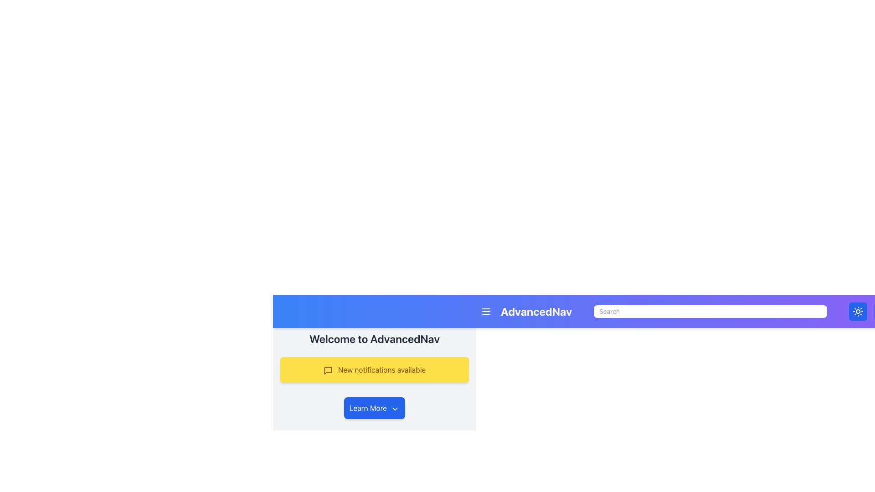 The width and height of the screenshot is (875, 492). Describe the element at coordinates (485, 311) in the screenshot. I see `the menu icon button, which is a horizontal sandwich menu with three white lines on a purple background` at that location.